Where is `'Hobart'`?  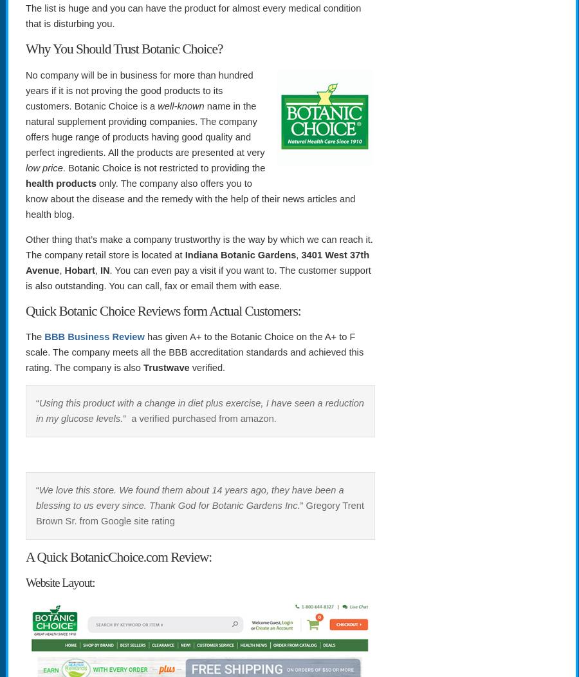
'Hobart' is located at coordinates (79, 270).